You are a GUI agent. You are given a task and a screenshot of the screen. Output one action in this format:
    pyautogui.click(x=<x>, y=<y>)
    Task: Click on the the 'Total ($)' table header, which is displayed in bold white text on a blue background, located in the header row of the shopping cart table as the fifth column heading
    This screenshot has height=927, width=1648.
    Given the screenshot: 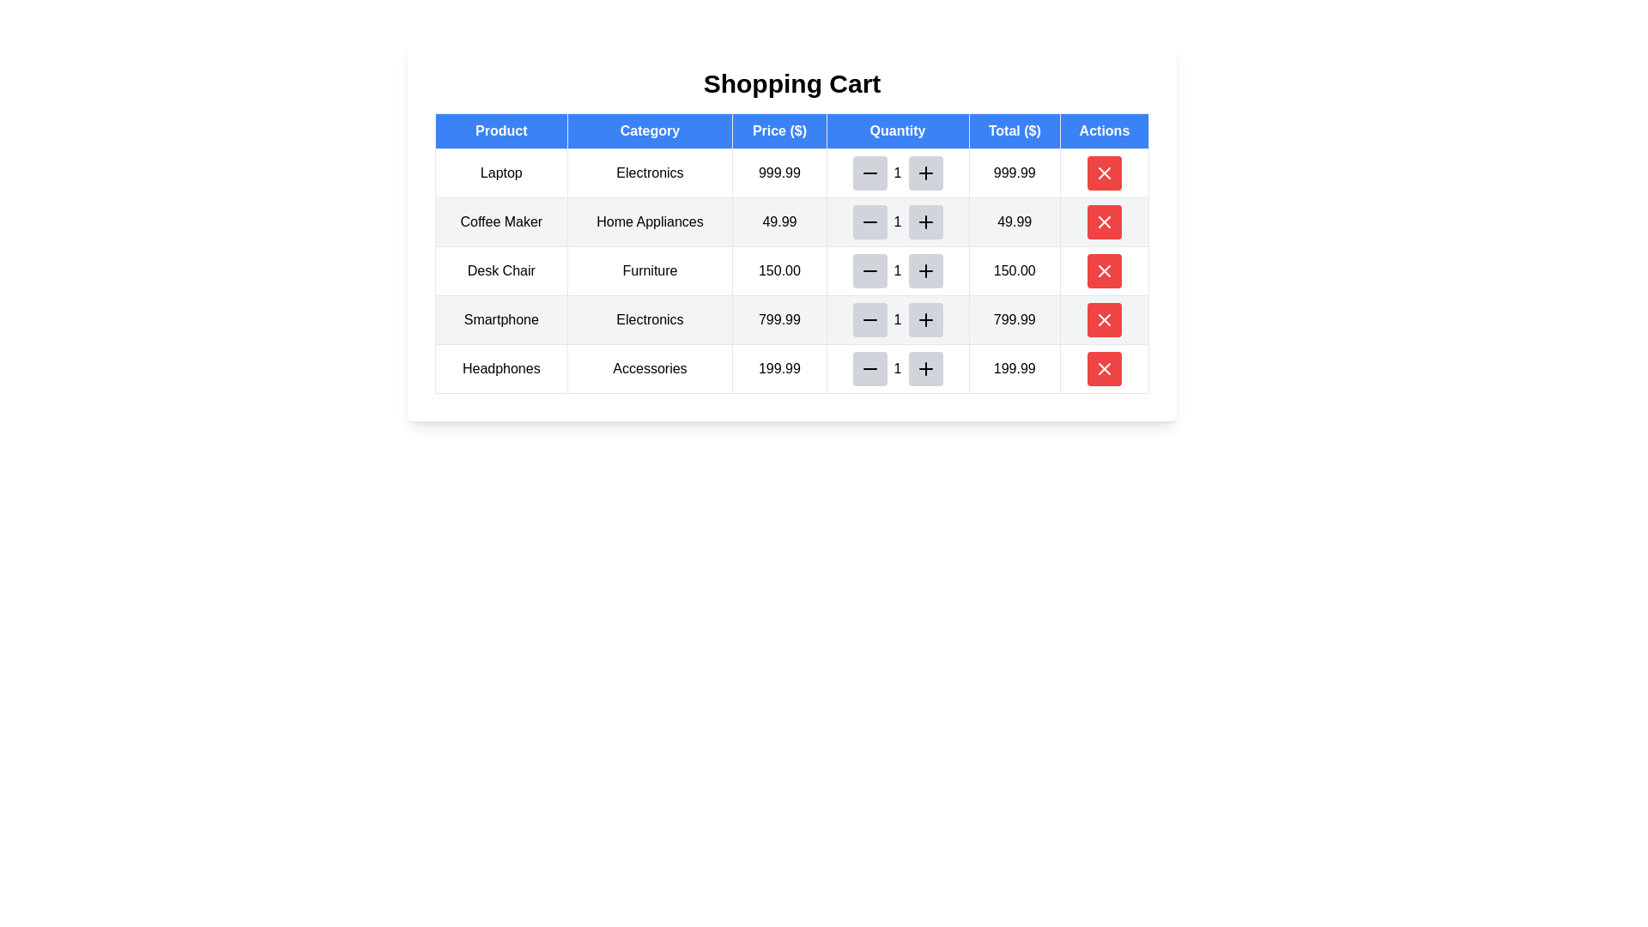 What is the action you would take?
    pyautogui.click(x=1015, y=130)
    